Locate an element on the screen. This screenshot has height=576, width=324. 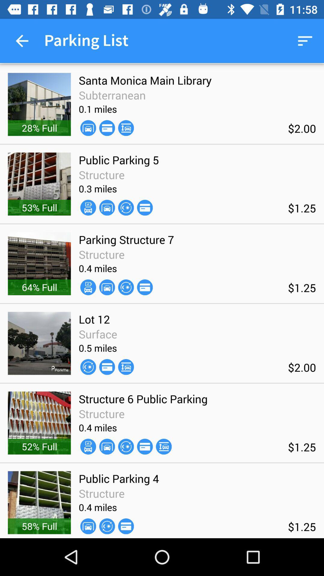
icon next to $1.25 item is located at coordinates (145, 287).